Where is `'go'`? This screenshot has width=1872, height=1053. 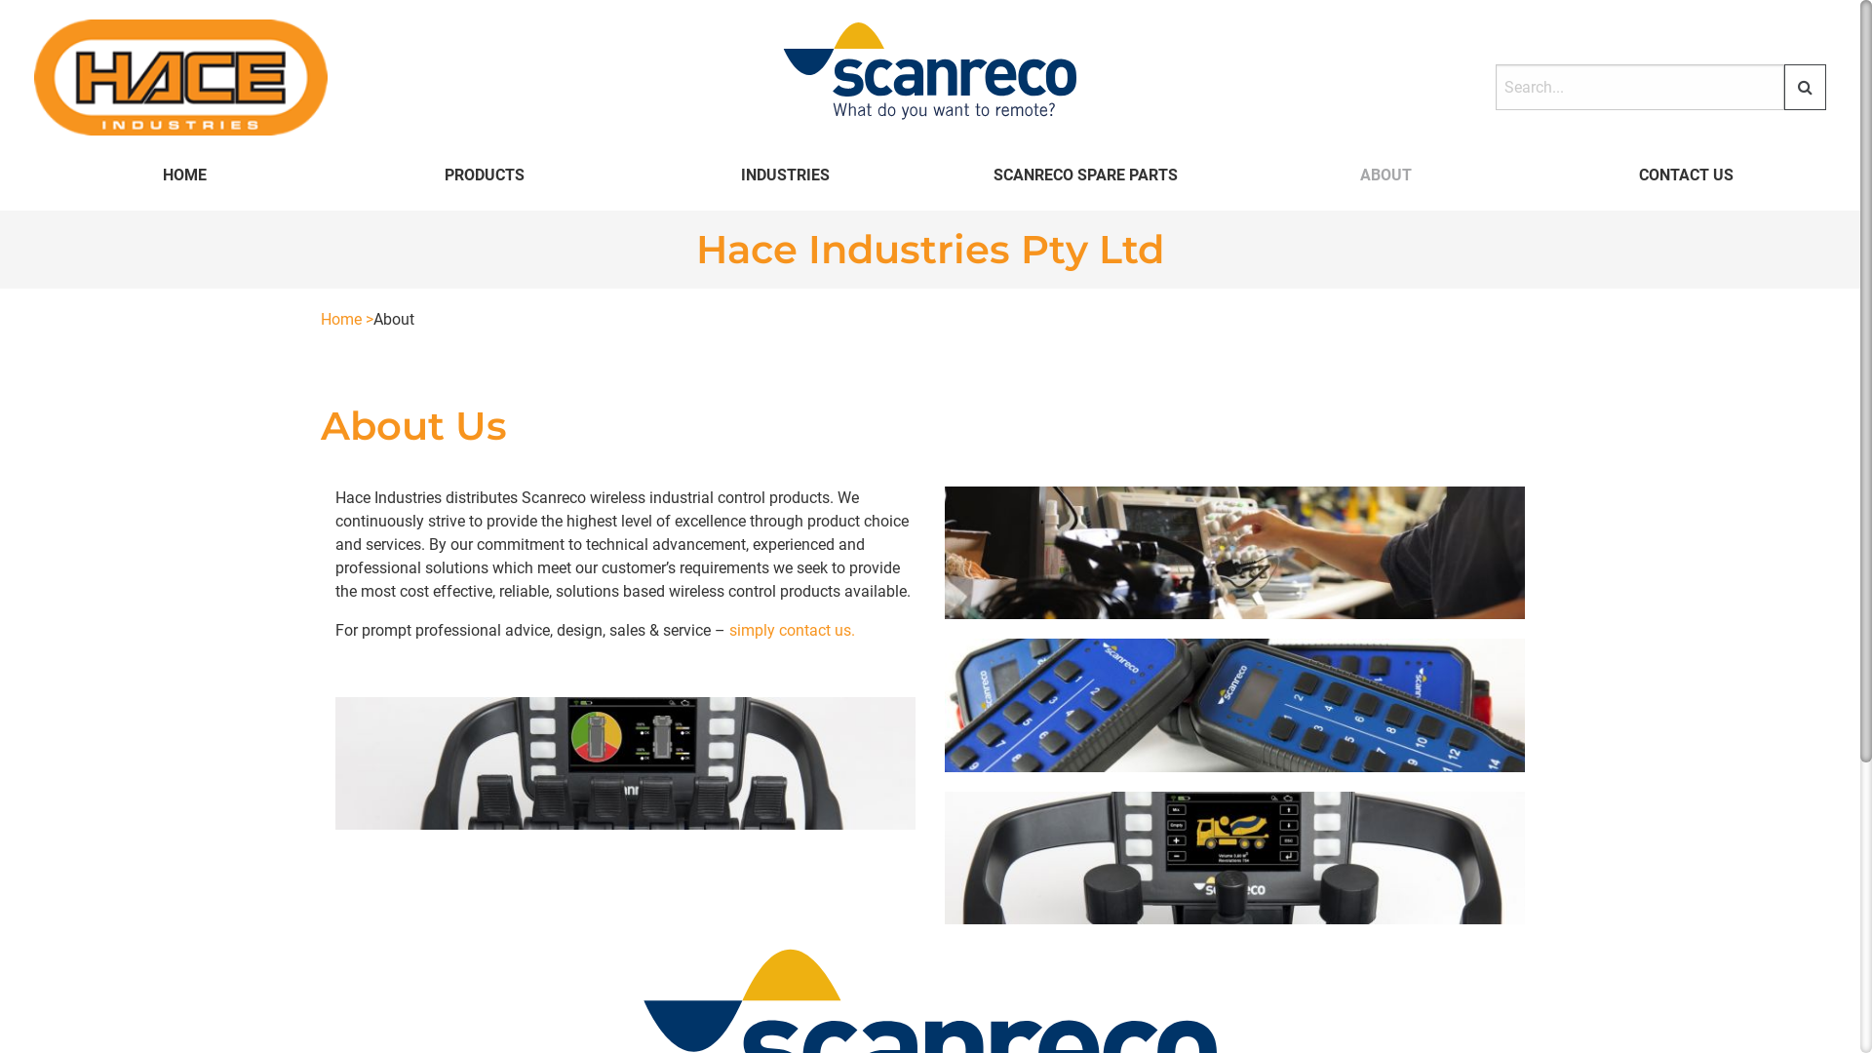 'go' is located at coordinates (1804, 86).